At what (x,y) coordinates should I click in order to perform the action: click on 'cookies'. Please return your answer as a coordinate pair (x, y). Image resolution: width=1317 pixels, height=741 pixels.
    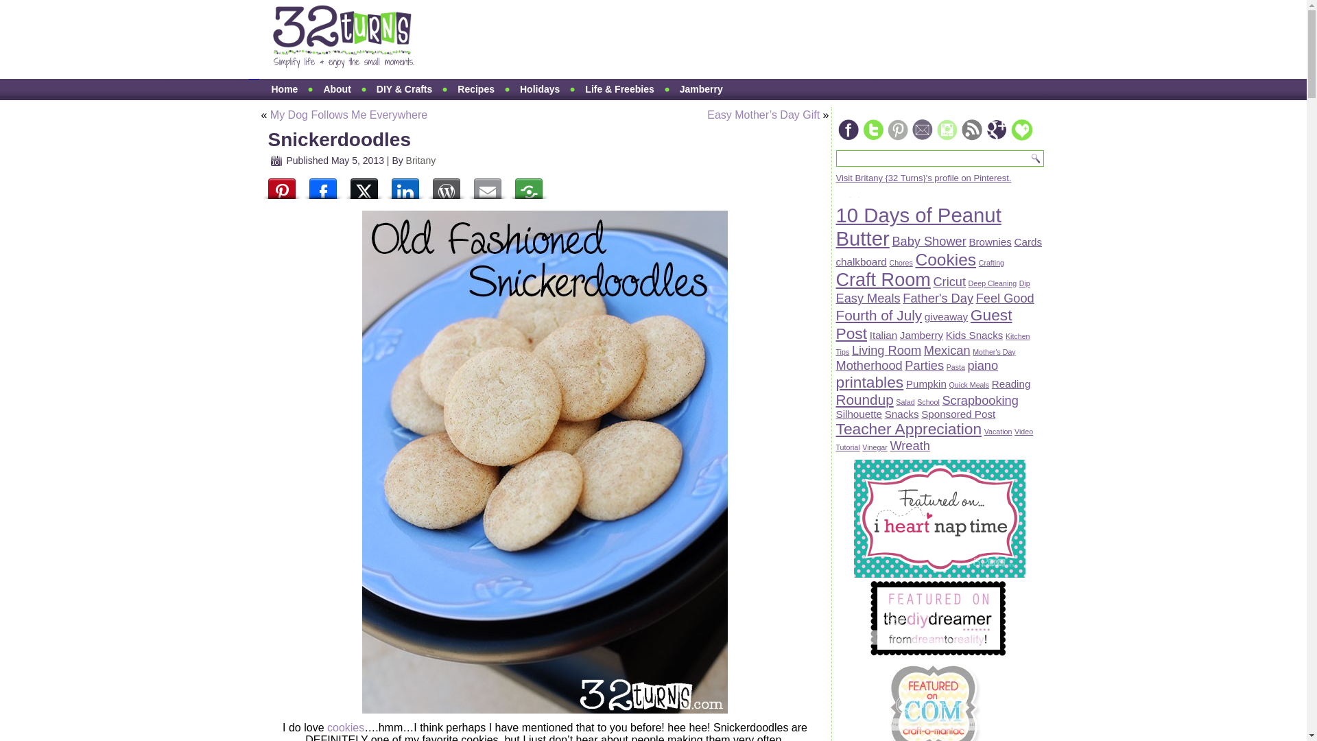
    Looking at the image, I should click on (326, 727).